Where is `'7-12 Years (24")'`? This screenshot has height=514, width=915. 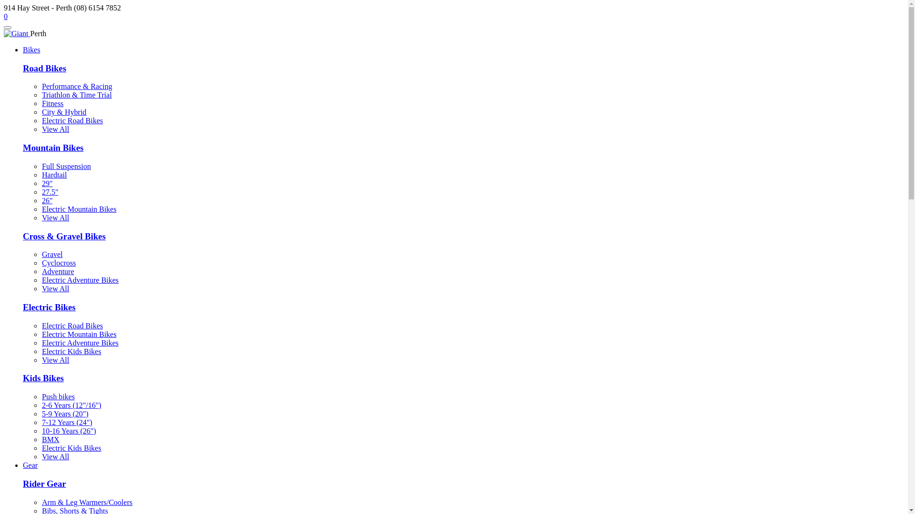
'7-12 Years (24")' is located at coordinates (66, 422).